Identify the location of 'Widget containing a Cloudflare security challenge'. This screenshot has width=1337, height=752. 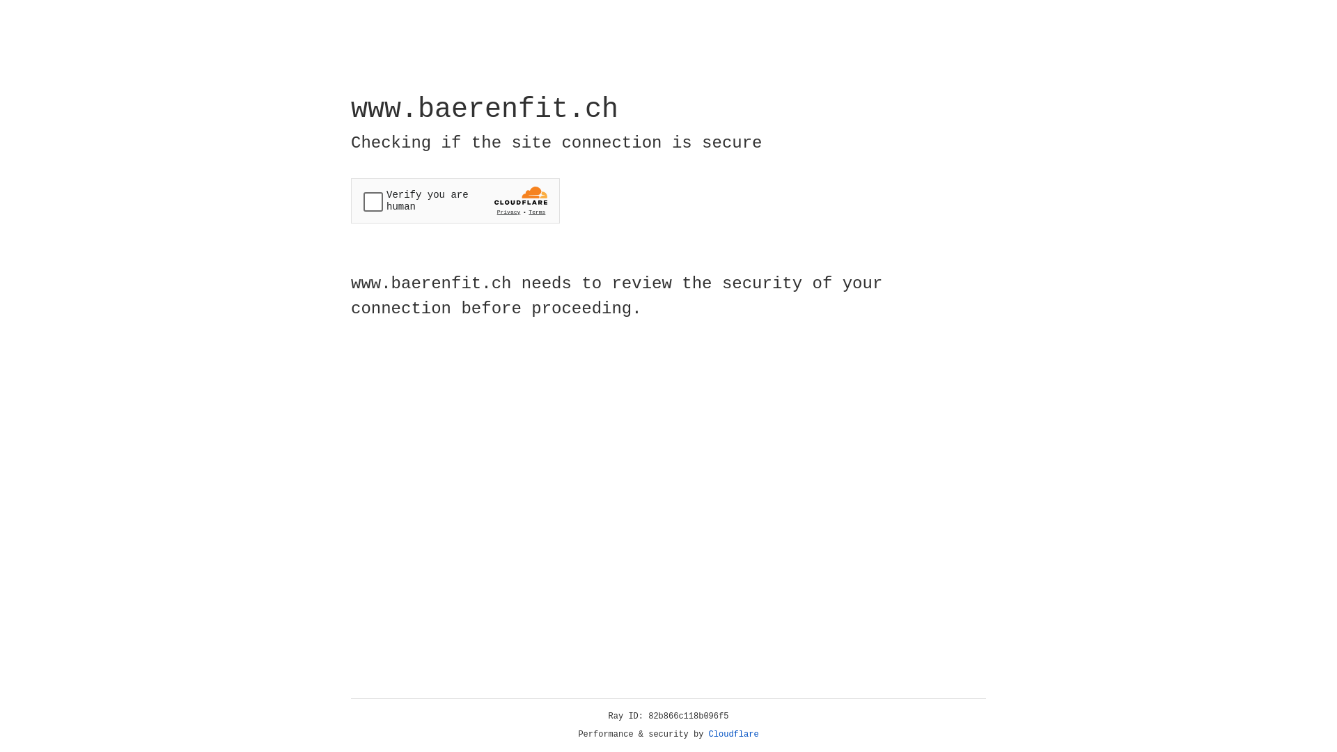
(455, 201).